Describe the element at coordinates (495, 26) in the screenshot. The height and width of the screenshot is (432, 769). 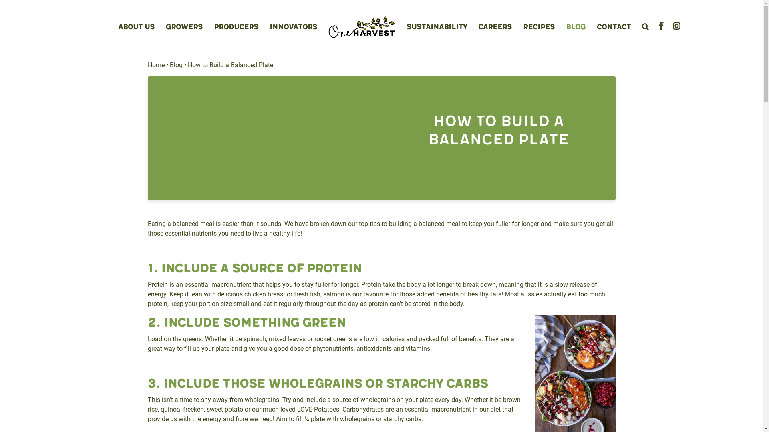
I see `'CAREERS'` at that location.